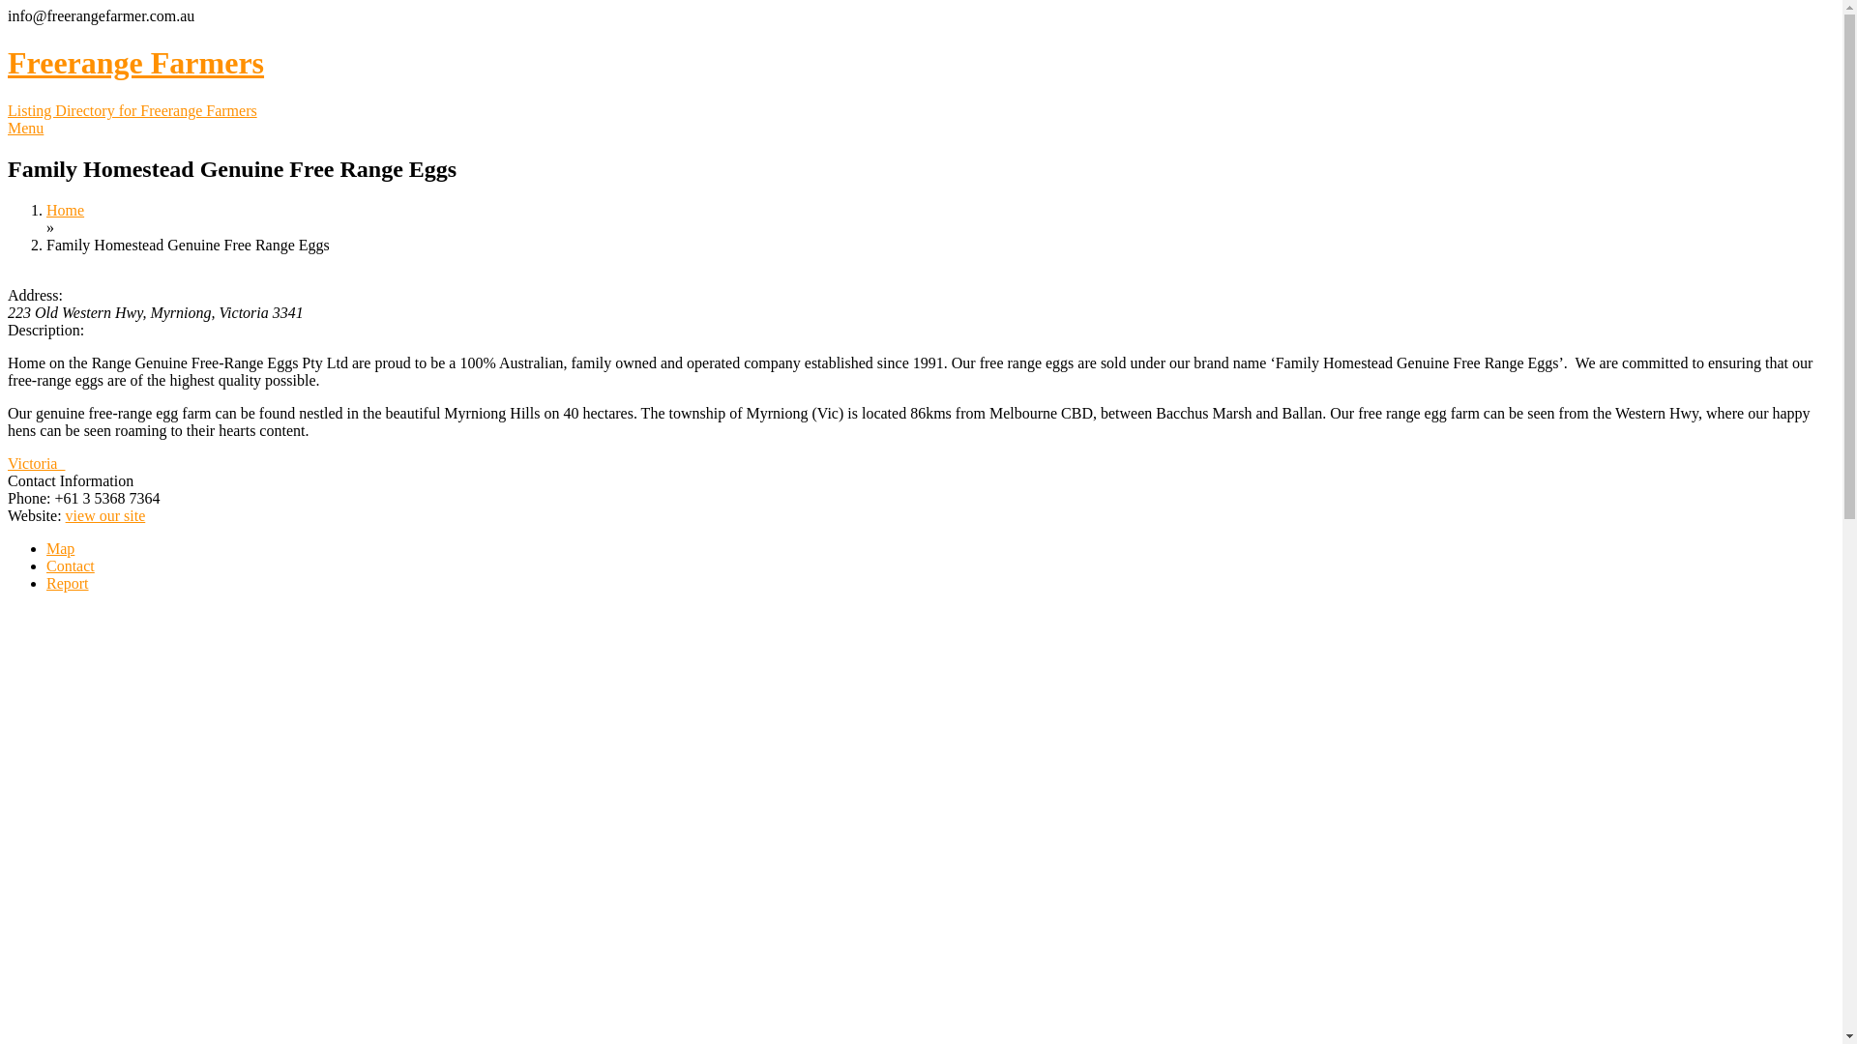  I want to click on 'Contact', so click(70, 565).